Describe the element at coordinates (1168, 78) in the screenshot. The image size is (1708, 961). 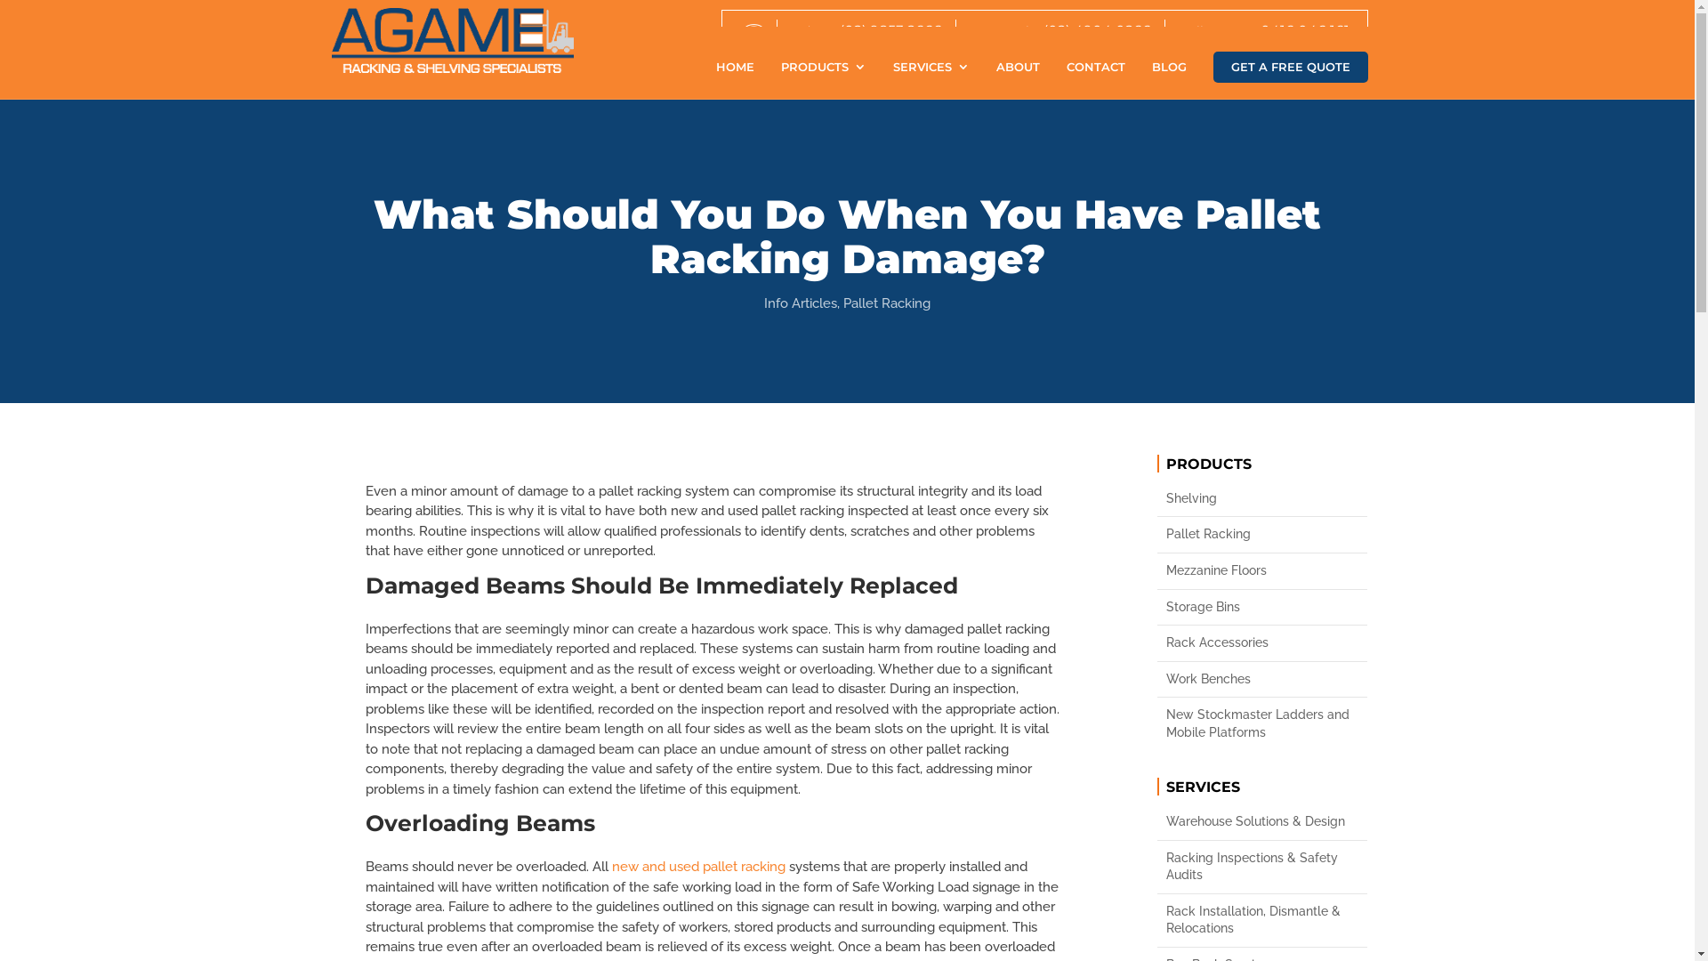
I see `'BLOG'` at that location.